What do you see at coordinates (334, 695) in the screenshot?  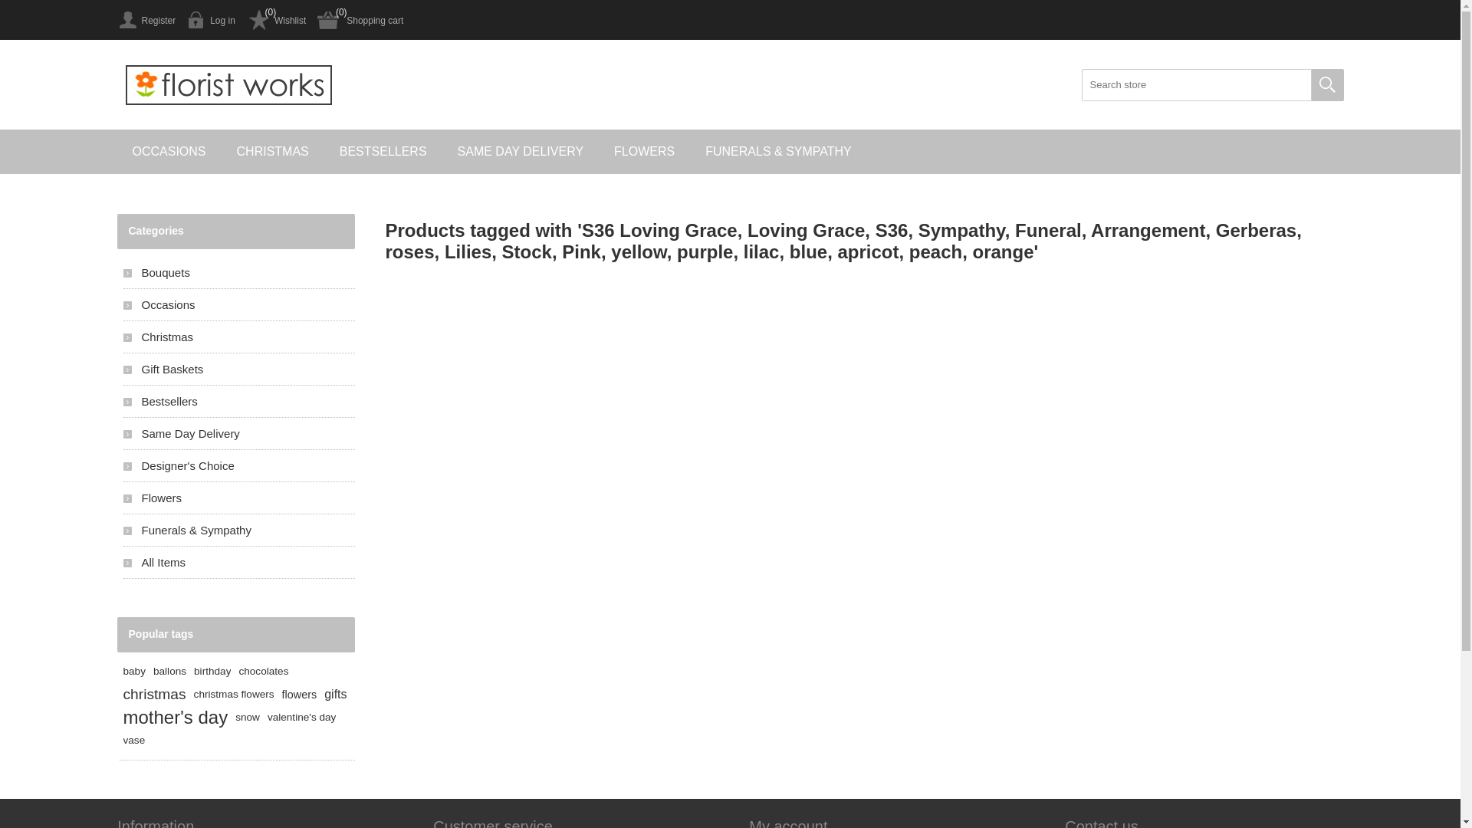 I see `'gifts'` at bounding box center [334, 695].